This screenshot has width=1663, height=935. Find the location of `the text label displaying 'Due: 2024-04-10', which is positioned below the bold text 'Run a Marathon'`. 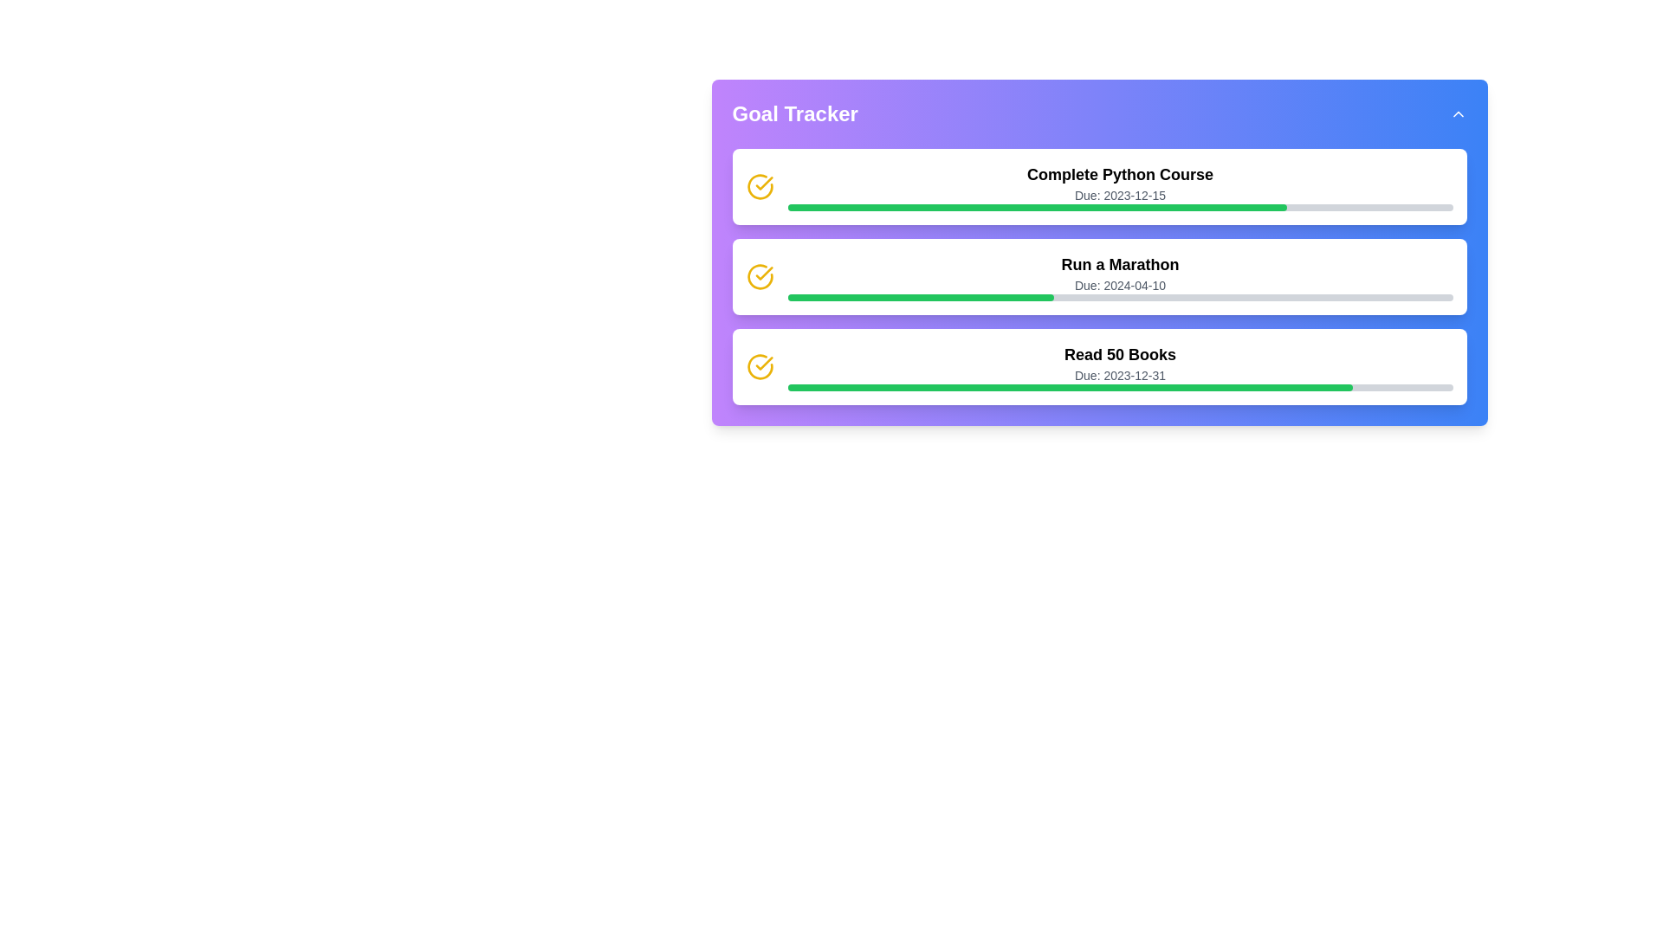

the text label displaying 'Due: 2024-04-10', which is positioned below the bold text 'Run a Marathon' is located at coordinates (1120, 285).